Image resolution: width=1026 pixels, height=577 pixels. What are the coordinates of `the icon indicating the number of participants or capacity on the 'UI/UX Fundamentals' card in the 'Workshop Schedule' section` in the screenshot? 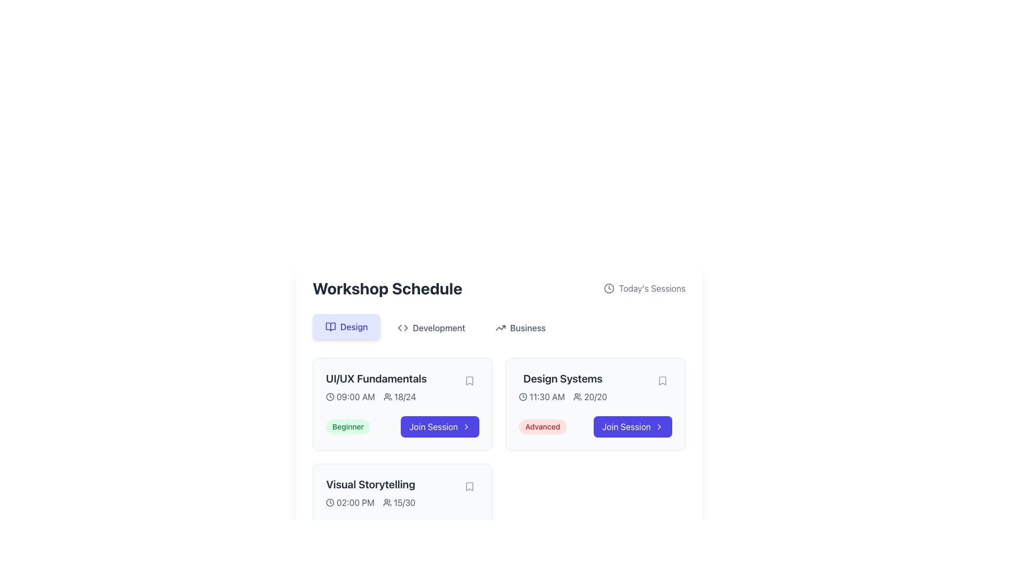 It's located at (387, 397).